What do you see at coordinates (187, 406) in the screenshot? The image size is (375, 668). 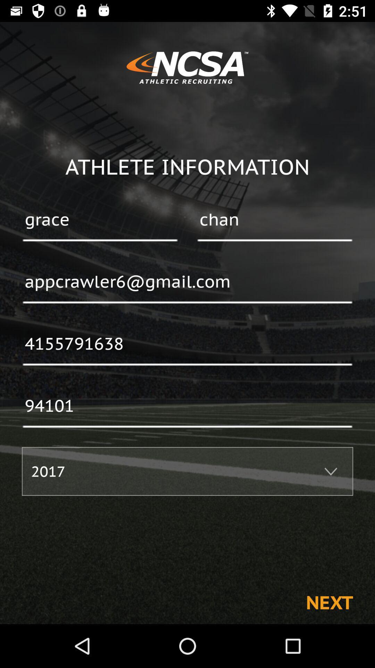 I see `icon above 2017` at bounding box center [187, 406].